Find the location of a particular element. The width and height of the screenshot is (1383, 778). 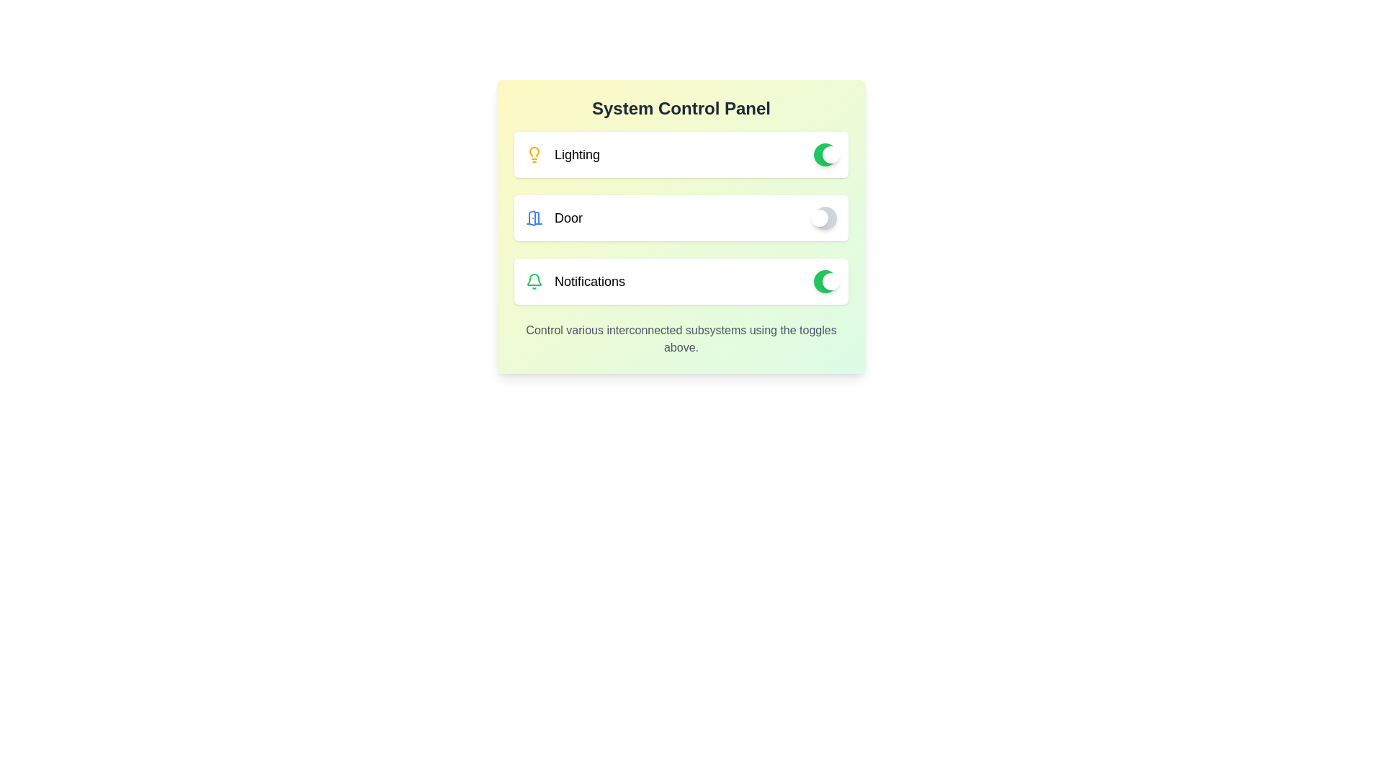

the toggle button for the door switch to change its state is located at coordinates (825, 218).